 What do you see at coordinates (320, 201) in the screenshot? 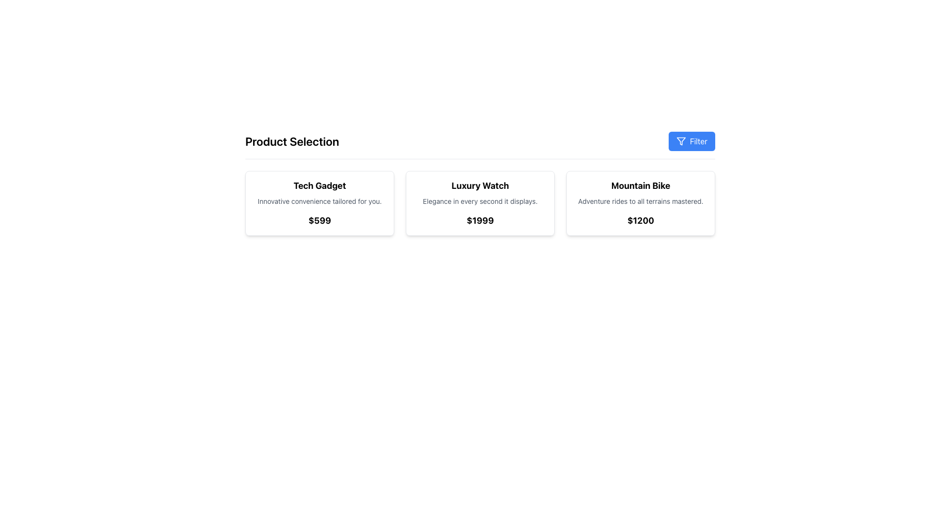
I see `the text block displaying 'Innovative convenience tailored for you.' located beneath the title 'Tech Gadget' and above the price '$599' in the leftmost product card` at bounding box center [320, 201].